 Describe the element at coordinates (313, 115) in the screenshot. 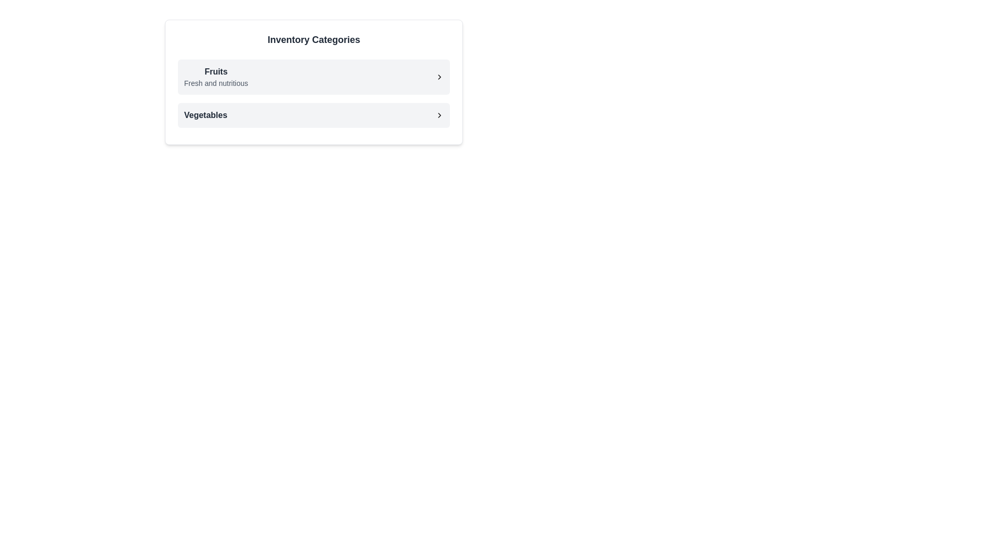

I see `the list item labeled 'Vegetables'` at that location.